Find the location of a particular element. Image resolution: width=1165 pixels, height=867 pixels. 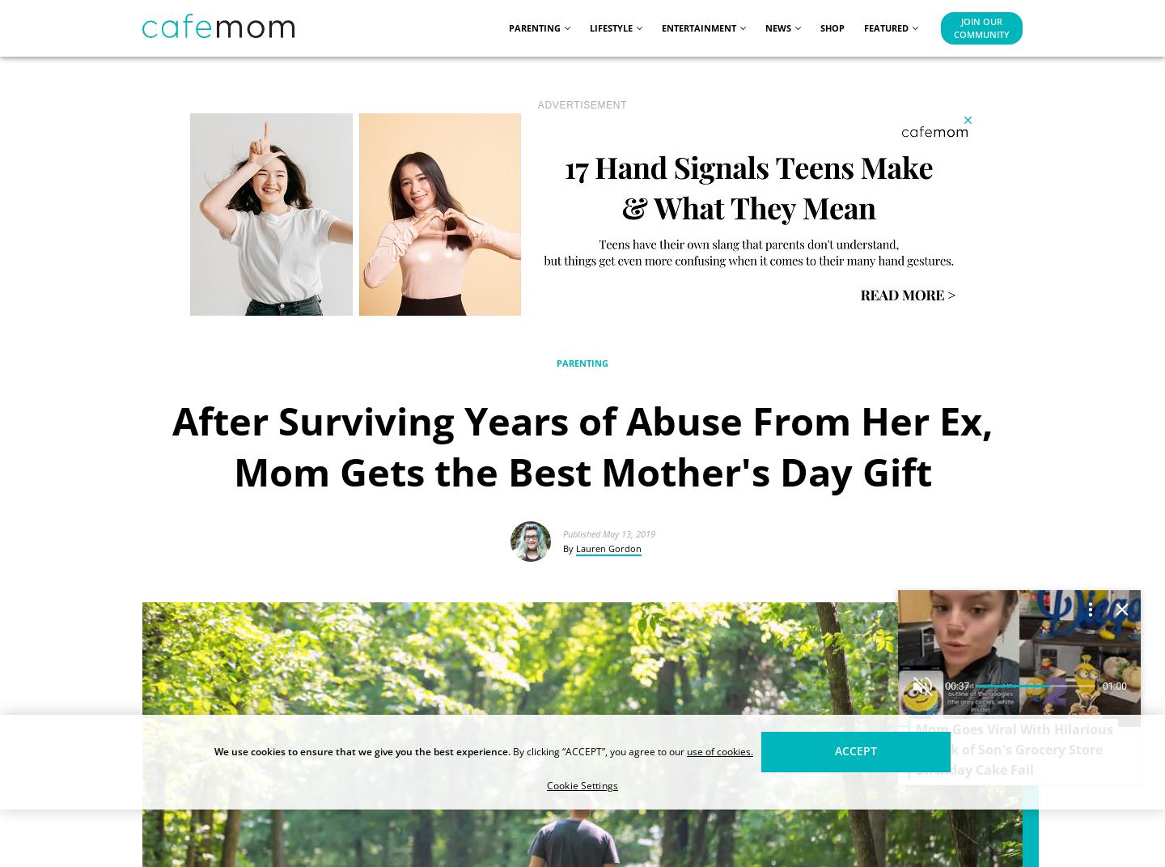

'Published May 13, 2019' is located at coordinates (607, 532).